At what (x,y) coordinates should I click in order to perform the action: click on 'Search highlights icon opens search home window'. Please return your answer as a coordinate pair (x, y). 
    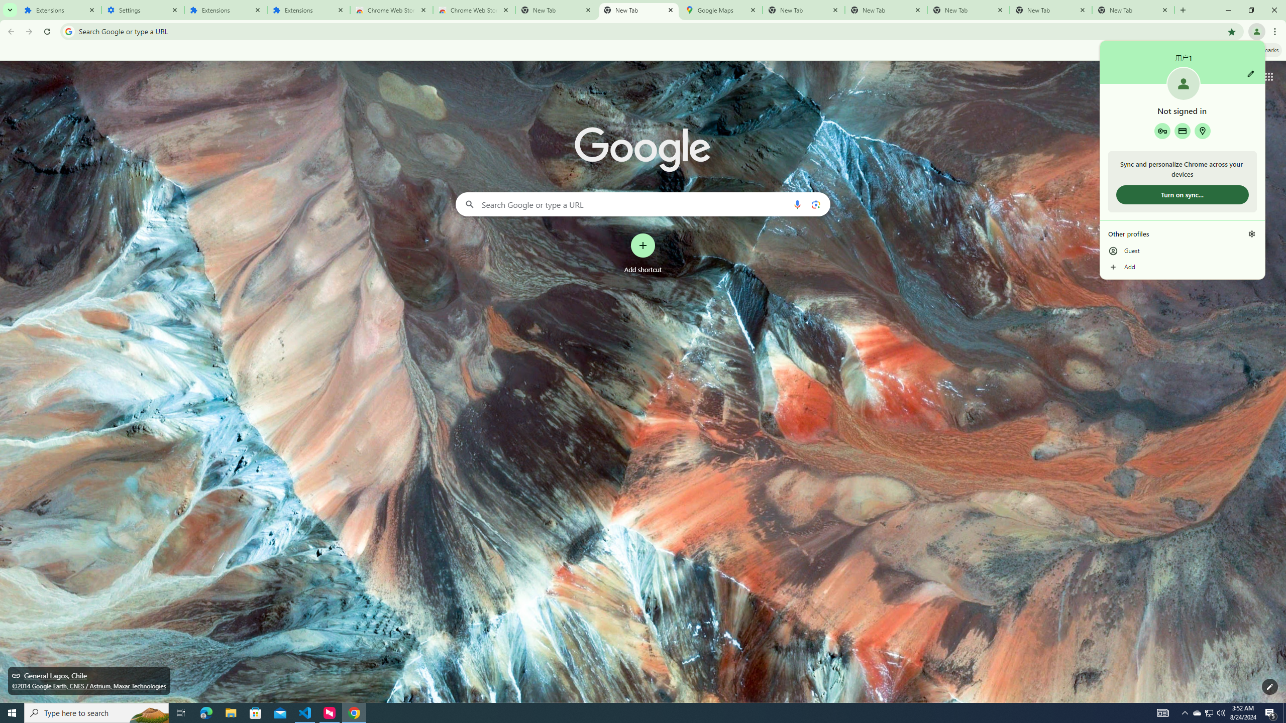
    Looking at the image, I should click on (148, 712).